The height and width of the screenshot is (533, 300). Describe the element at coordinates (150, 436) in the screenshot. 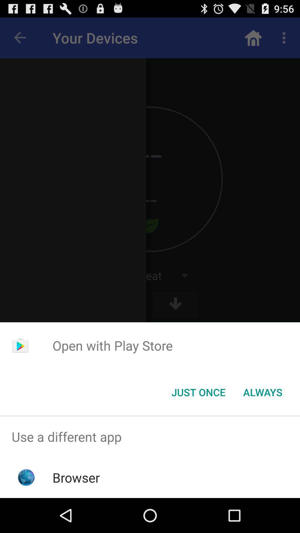

I see `use a different icon` at that location.